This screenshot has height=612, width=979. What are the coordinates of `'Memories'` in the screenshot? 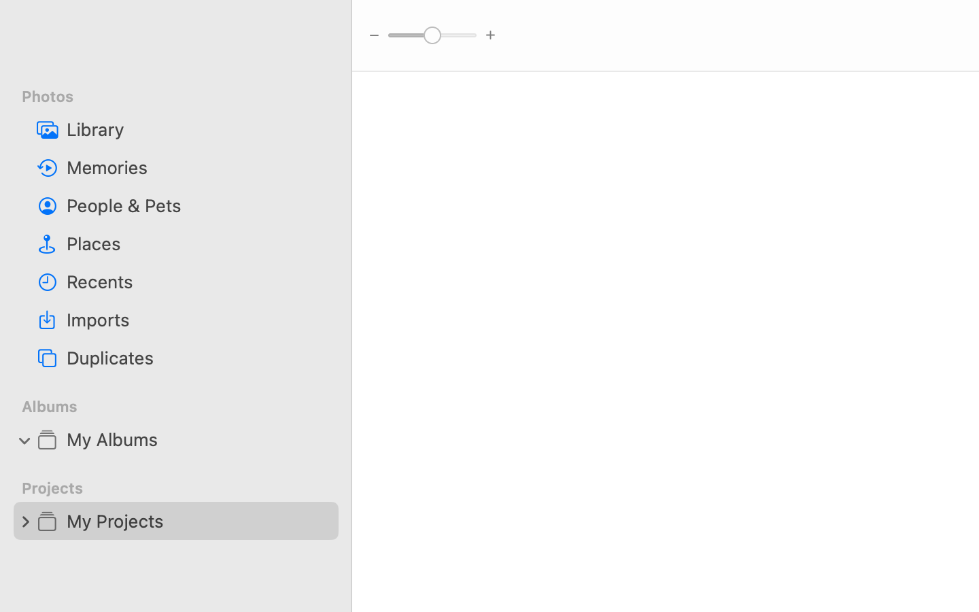 It's located at (196, 166).